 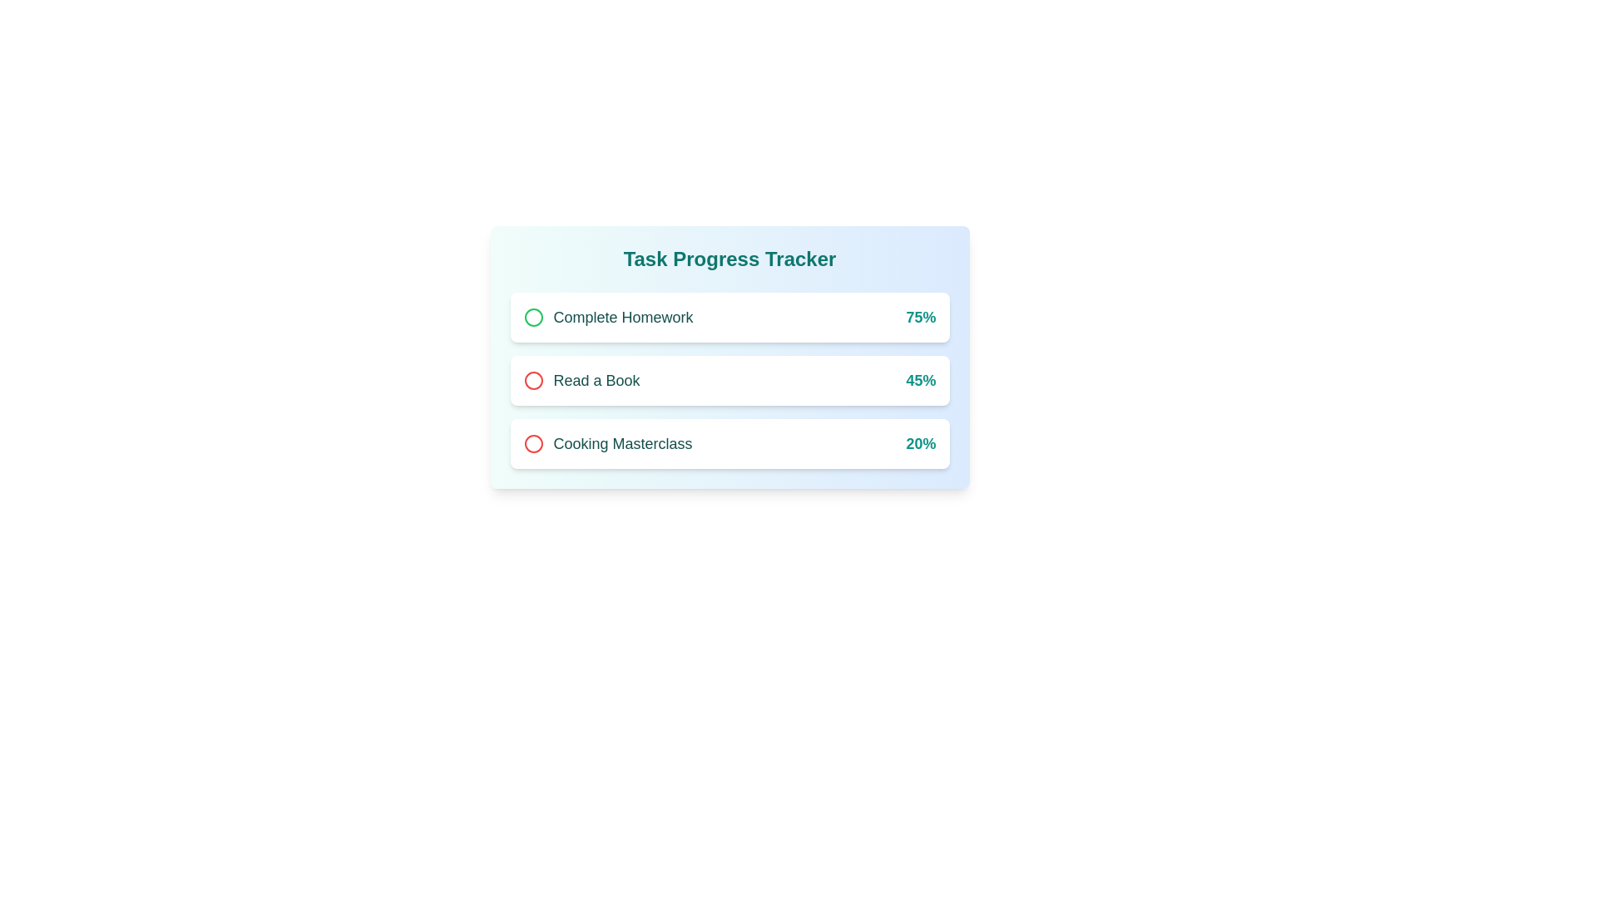 I want to click on the progress percentage text label for the task 'Complete Homework', which is located at the far-right side of its containing rectangular area, so click(x=920, y=317).